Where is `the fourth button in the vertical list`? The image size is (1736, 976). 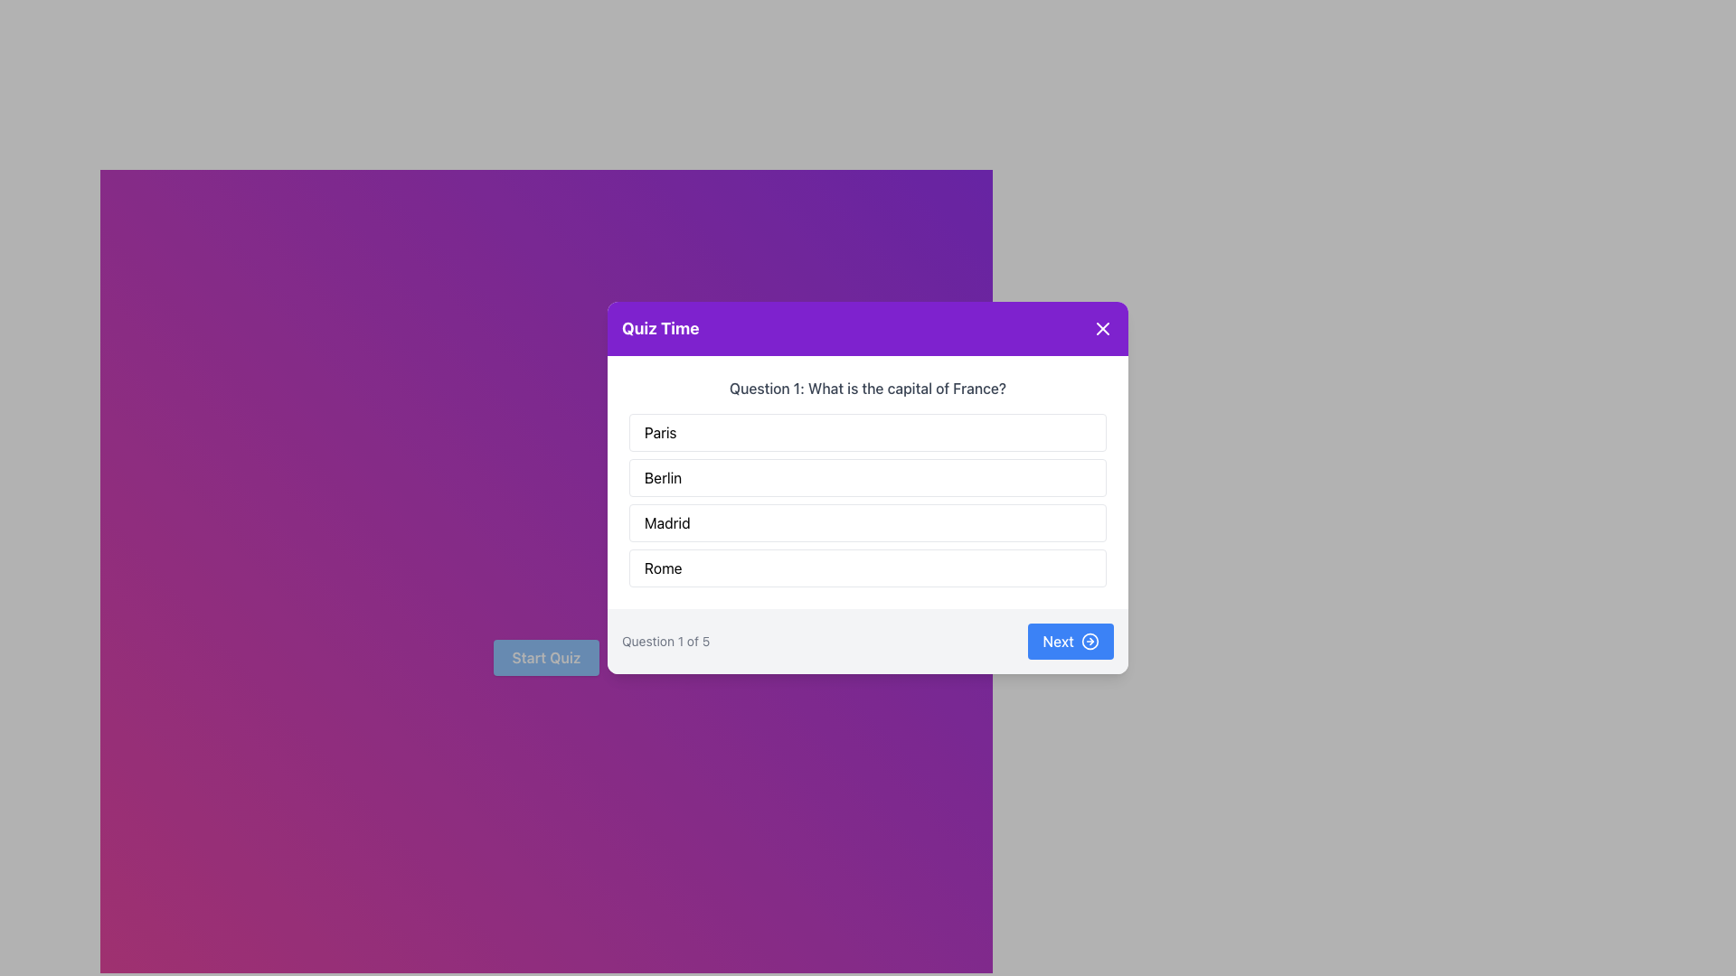
the fourth button in the vertical list is located at coordinates (868, 567).